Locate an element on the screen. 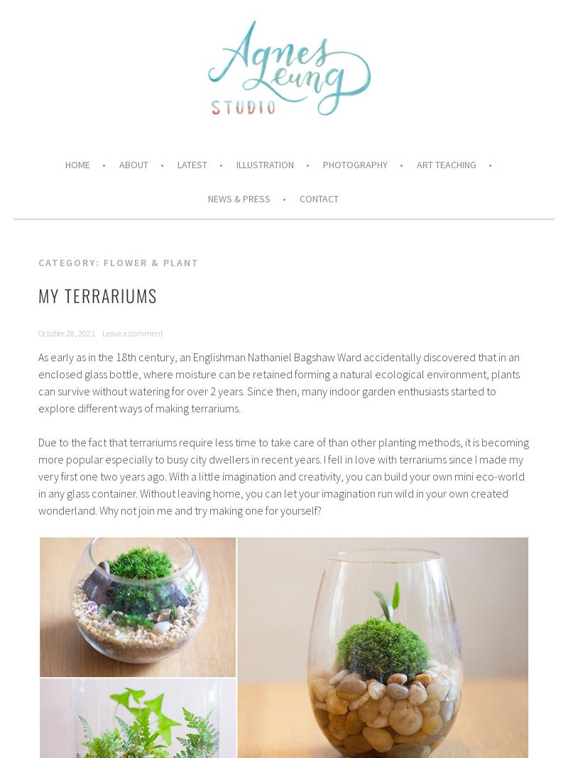 Image resolution: width=568 pixels, height=758 pixels. 'Leave a comment' is located at coordinates (131, 332).